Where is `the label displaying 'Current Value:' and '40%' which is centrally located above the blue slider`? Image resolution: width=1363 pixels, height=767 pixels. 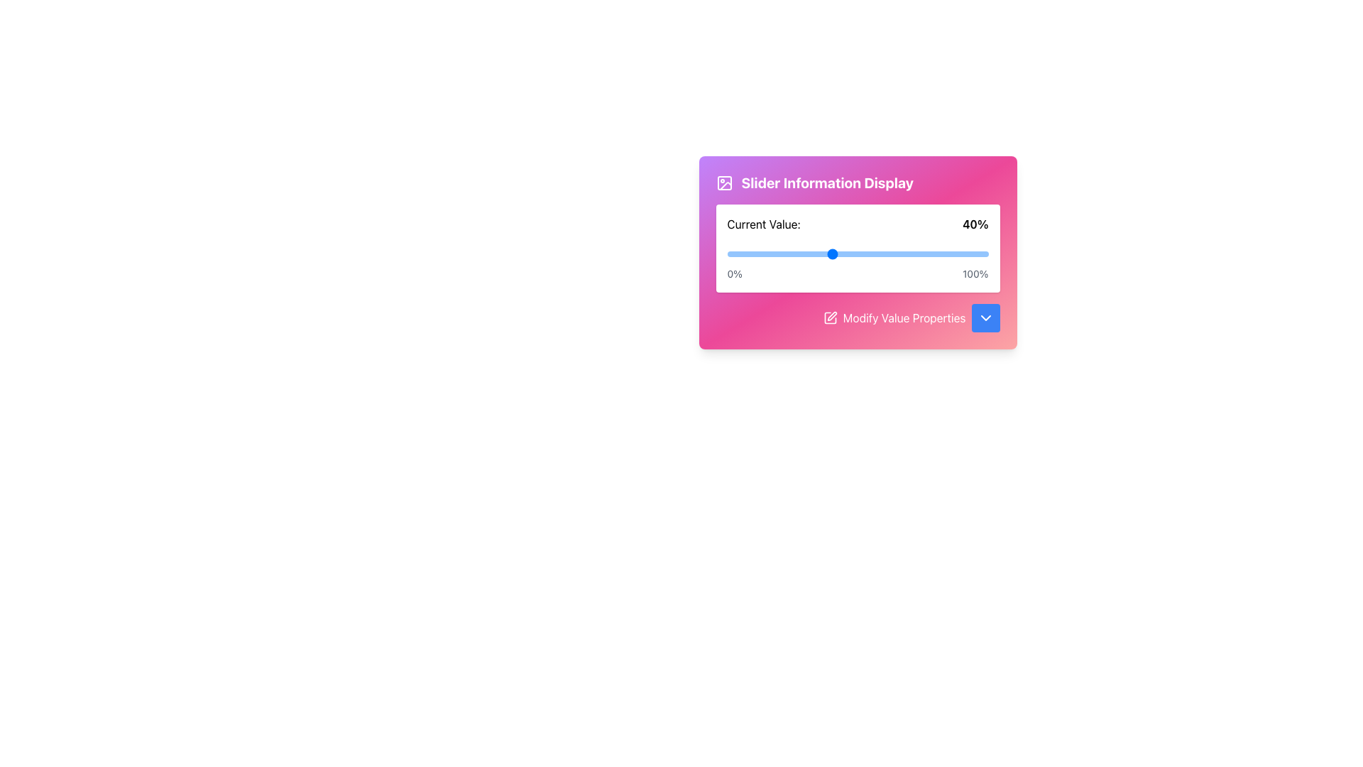
the label displaying 'Current Value:' and '40%' which is centrally located above the blue slider is located at coordinates (857, 229).